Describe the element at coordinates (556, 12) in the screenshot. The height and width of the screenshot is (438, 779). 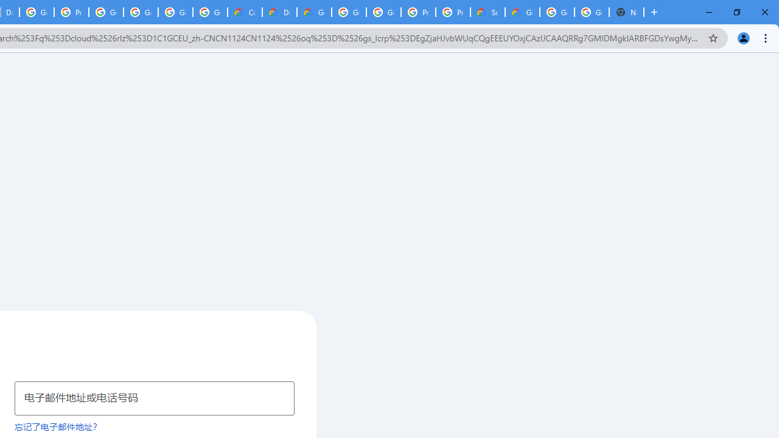
I see `'Google Cloud Platform'` at that location.